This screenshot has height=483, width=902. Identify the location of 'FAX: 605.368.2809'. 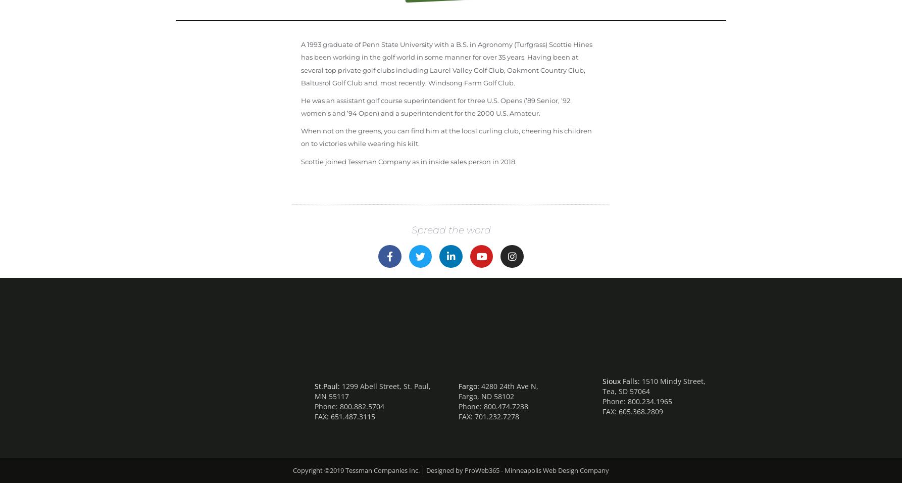
(633, 411).